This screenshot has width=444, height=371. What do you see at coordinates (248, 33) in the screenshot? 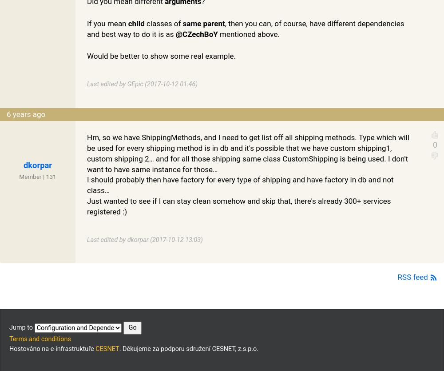
I see `'mentioned above.'` at bounding box center [248, 33].